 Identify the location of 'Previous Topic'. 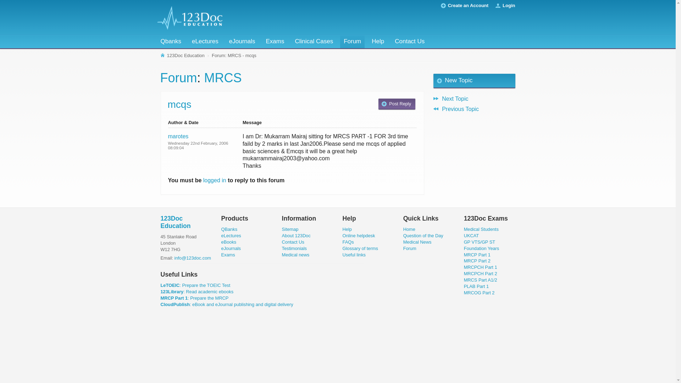
(474, 109).